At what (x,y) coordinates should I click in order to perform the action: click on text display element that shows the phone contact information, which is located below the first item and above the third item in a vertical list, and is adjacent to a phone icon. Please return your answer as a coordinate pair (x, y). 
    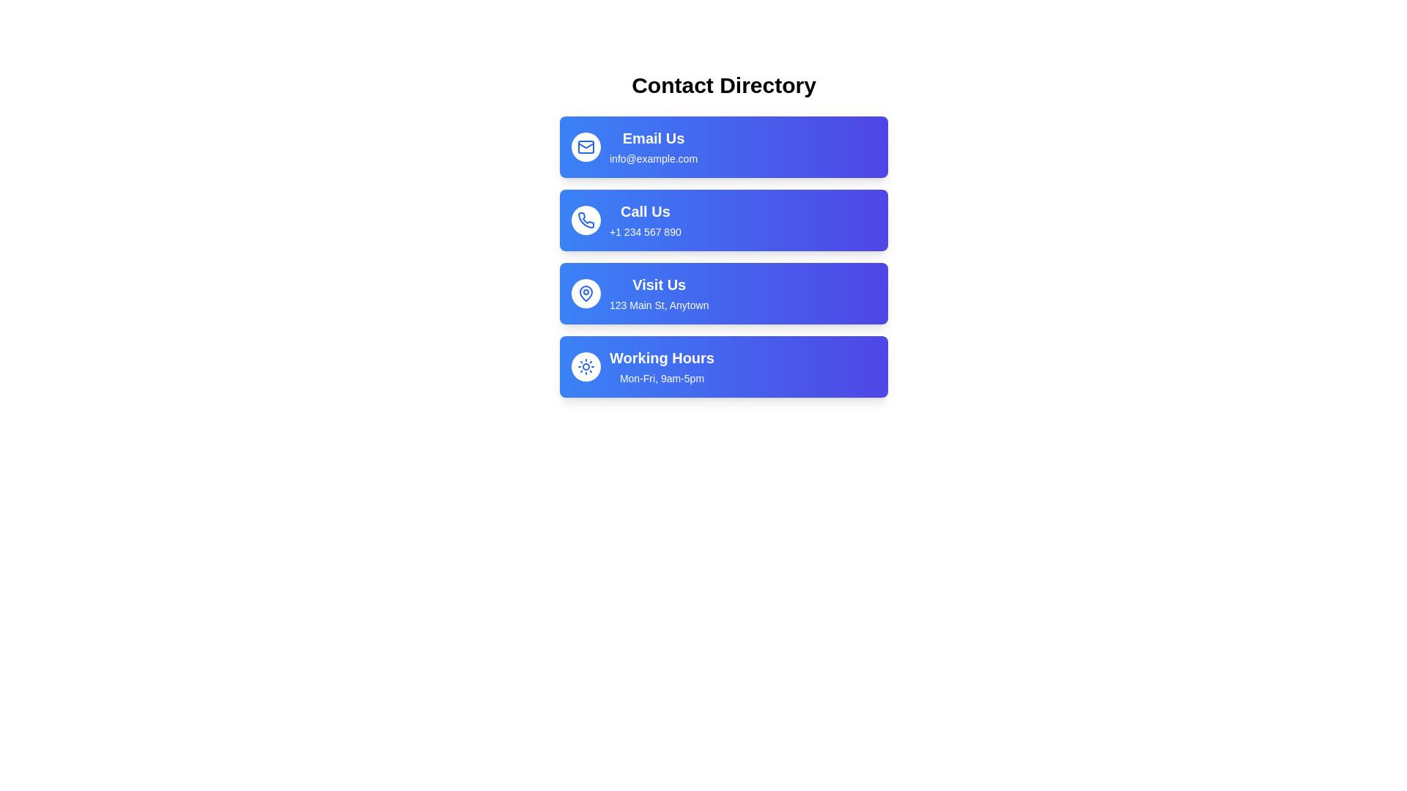
    Looking at the image, I should click on (645, 220).